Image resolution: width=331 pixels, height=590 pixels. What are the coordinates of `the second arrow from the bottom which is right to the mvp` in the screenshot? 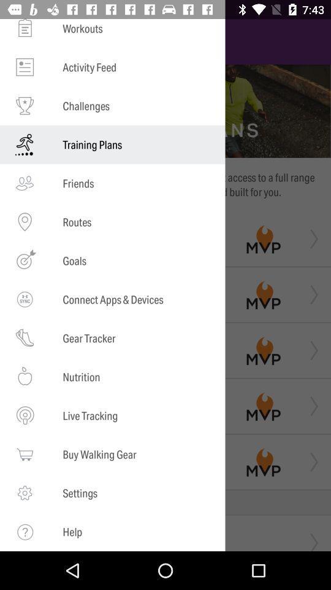 It's located at (311, 461).